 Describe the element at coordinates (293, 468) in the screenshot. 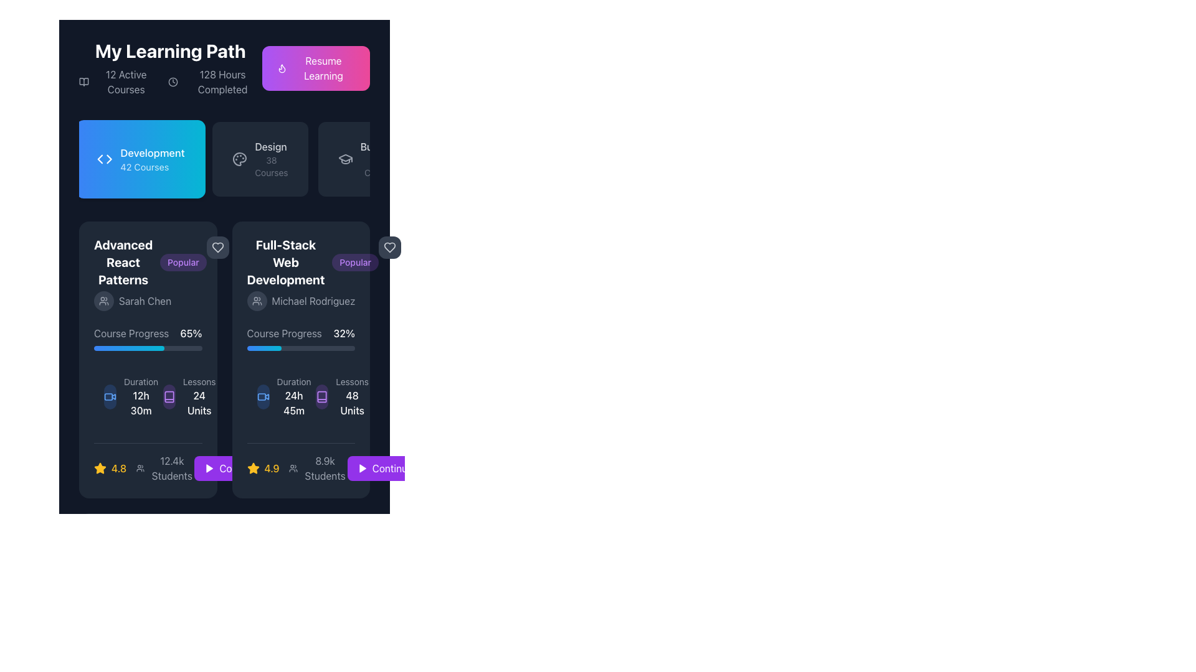

I see `the student engagement icon located at the bottom center of the 'Full-Stack Web Development' card, positioned to the left of '8.9k Students' and above the purple 'Continue' button` at that location.